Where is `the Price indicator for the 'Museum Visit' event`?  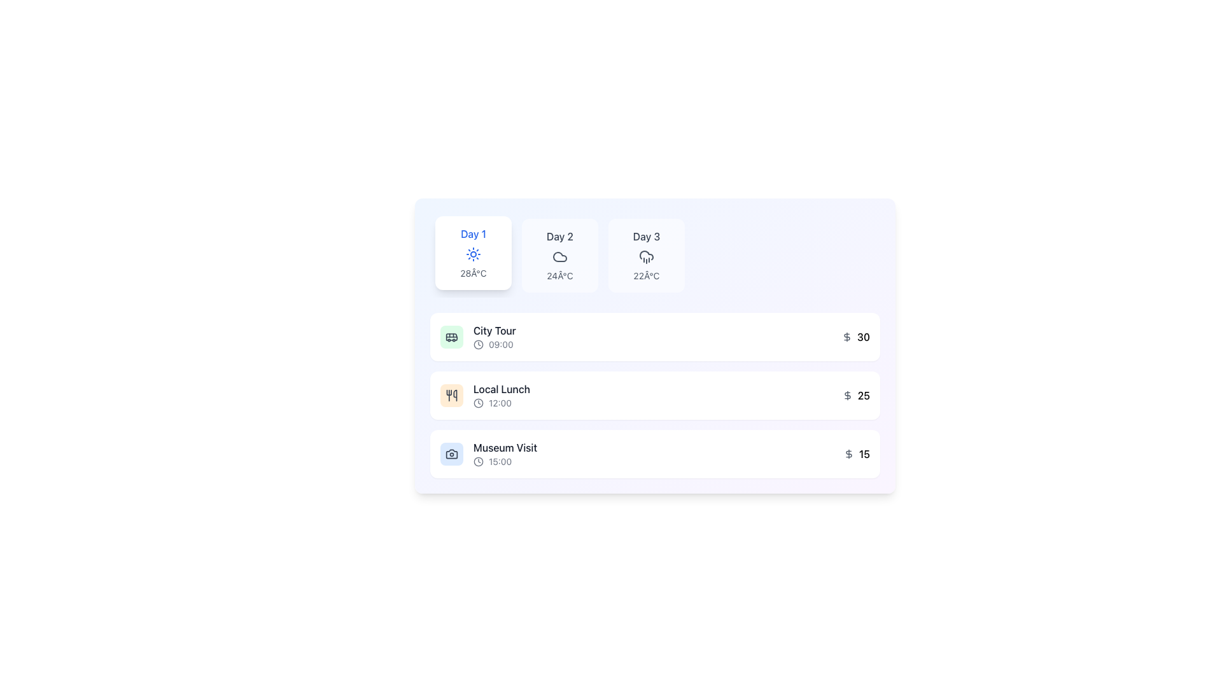 the Price indicator for the 'Museum Visit' event is located at coordinates (857, 453).